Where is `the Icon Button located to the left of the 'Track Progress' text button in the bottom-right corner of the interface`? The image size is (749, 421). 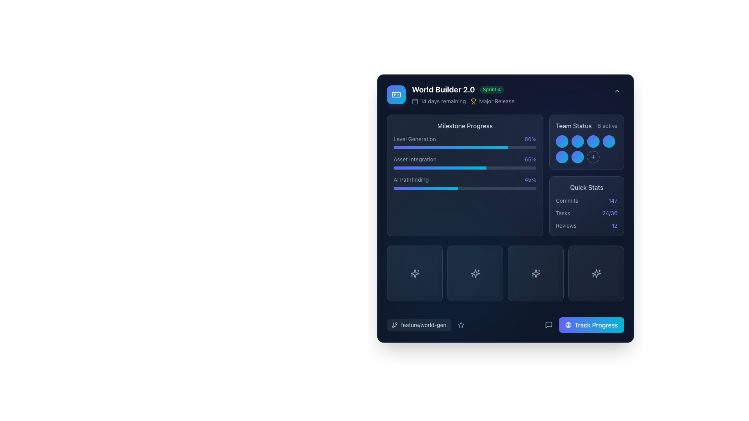 the Icon Button located to the left of the 'Track Progress' text button in the bottom-right corner of the interface is located at coordinates (548, 325).